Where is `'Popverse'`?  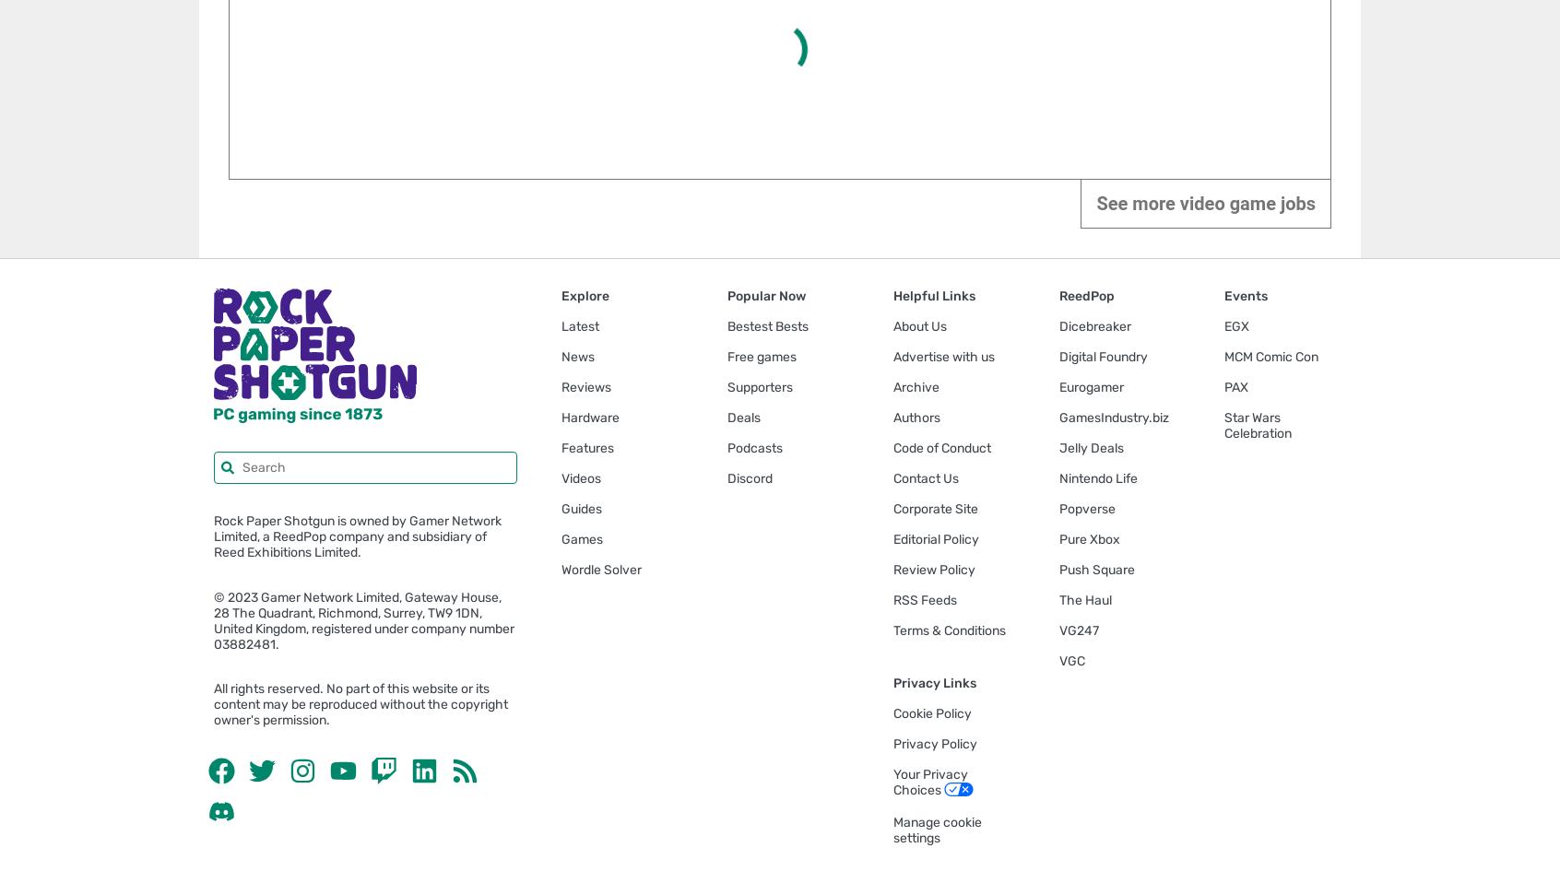
'Popverse' is located at coordinates (1085, 507).